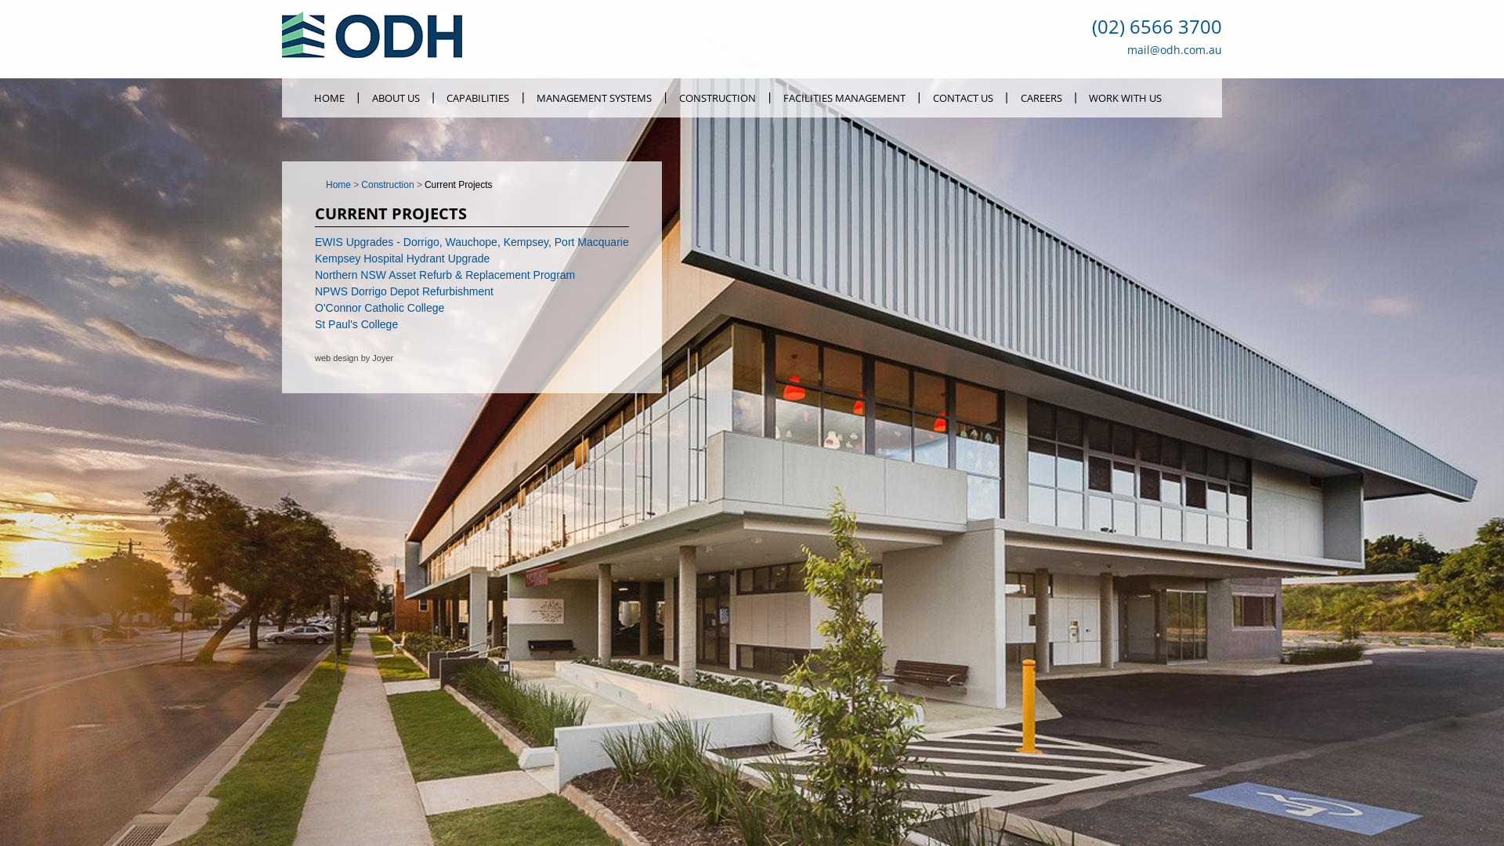 The height and width of the screenshot is (846, 1504). Describe the element at coordinates (395, 97) in the screenshot. I see `'ABOUT US'` at that location.